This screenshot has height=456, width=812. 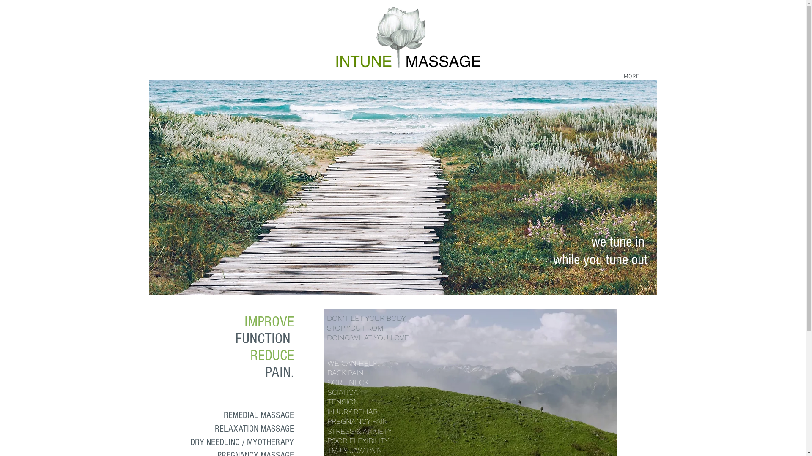 I want to click on 'IMPROVE, so click(x=262, y=347).